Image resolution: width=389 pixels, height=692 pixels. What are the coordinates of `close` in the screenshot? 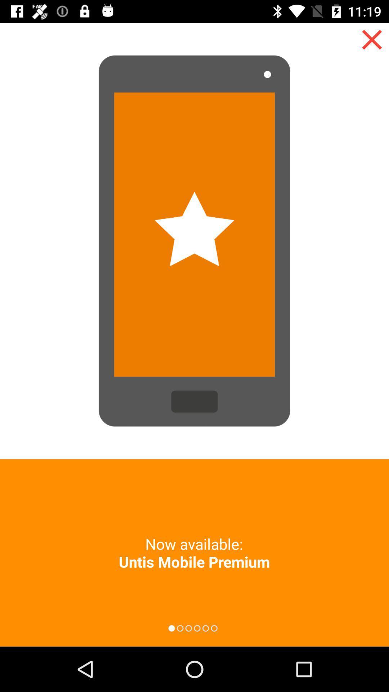 It's located at (372, 39).